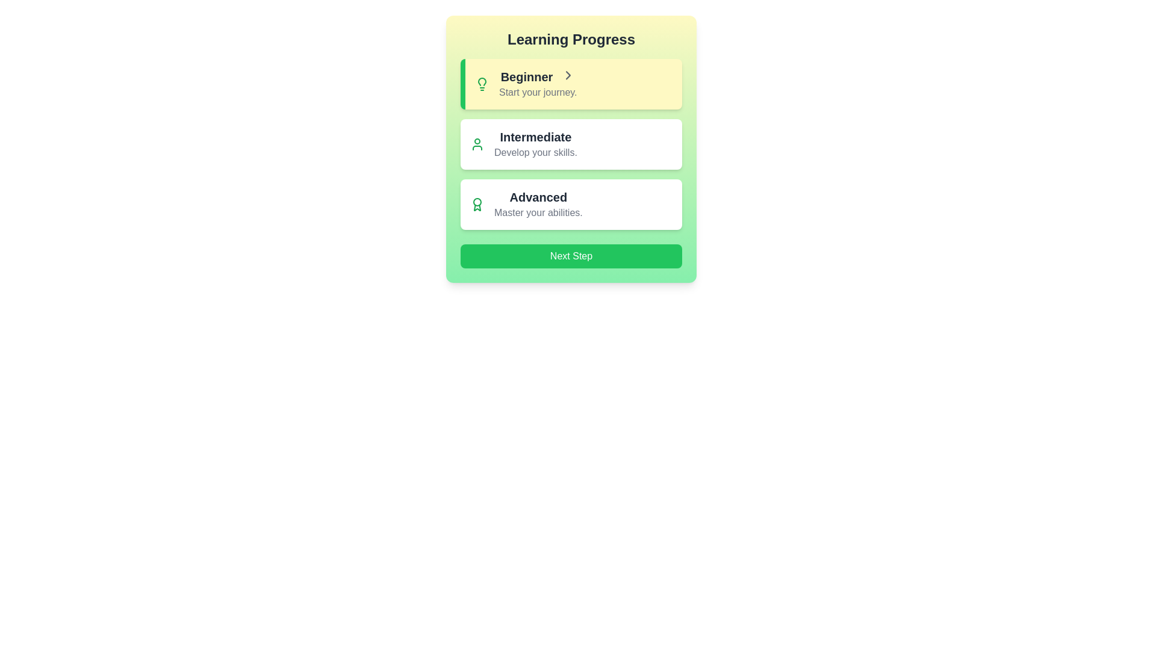 This screenshot has width=1156, height=650. I want to click on the text element that reads 'Start your journey.' styled in subdued gray font, located beneath the bold 'Beginner' text in the 'Learning Progress' card interface, so click(537, 92).